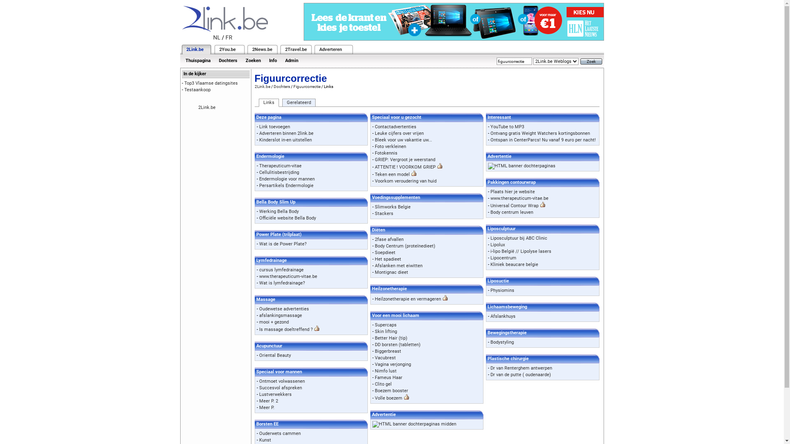 The image size is (790, 444). I want to click on 'Meer P. 2', so click(258, 400).